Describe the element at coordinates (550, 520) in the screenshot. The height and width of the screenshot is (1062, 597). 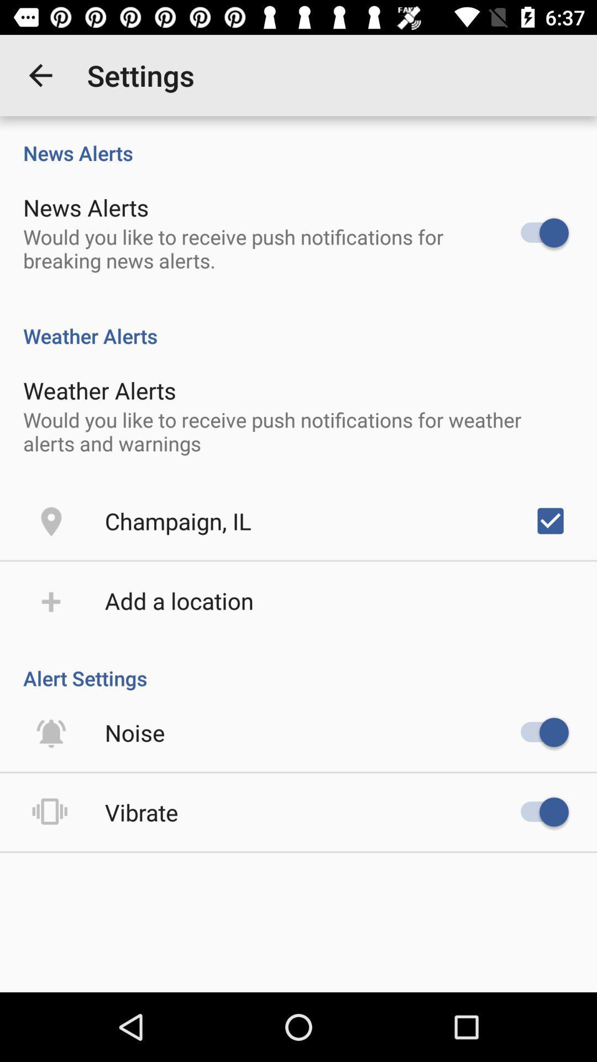
I see `the item on the right` at that location.